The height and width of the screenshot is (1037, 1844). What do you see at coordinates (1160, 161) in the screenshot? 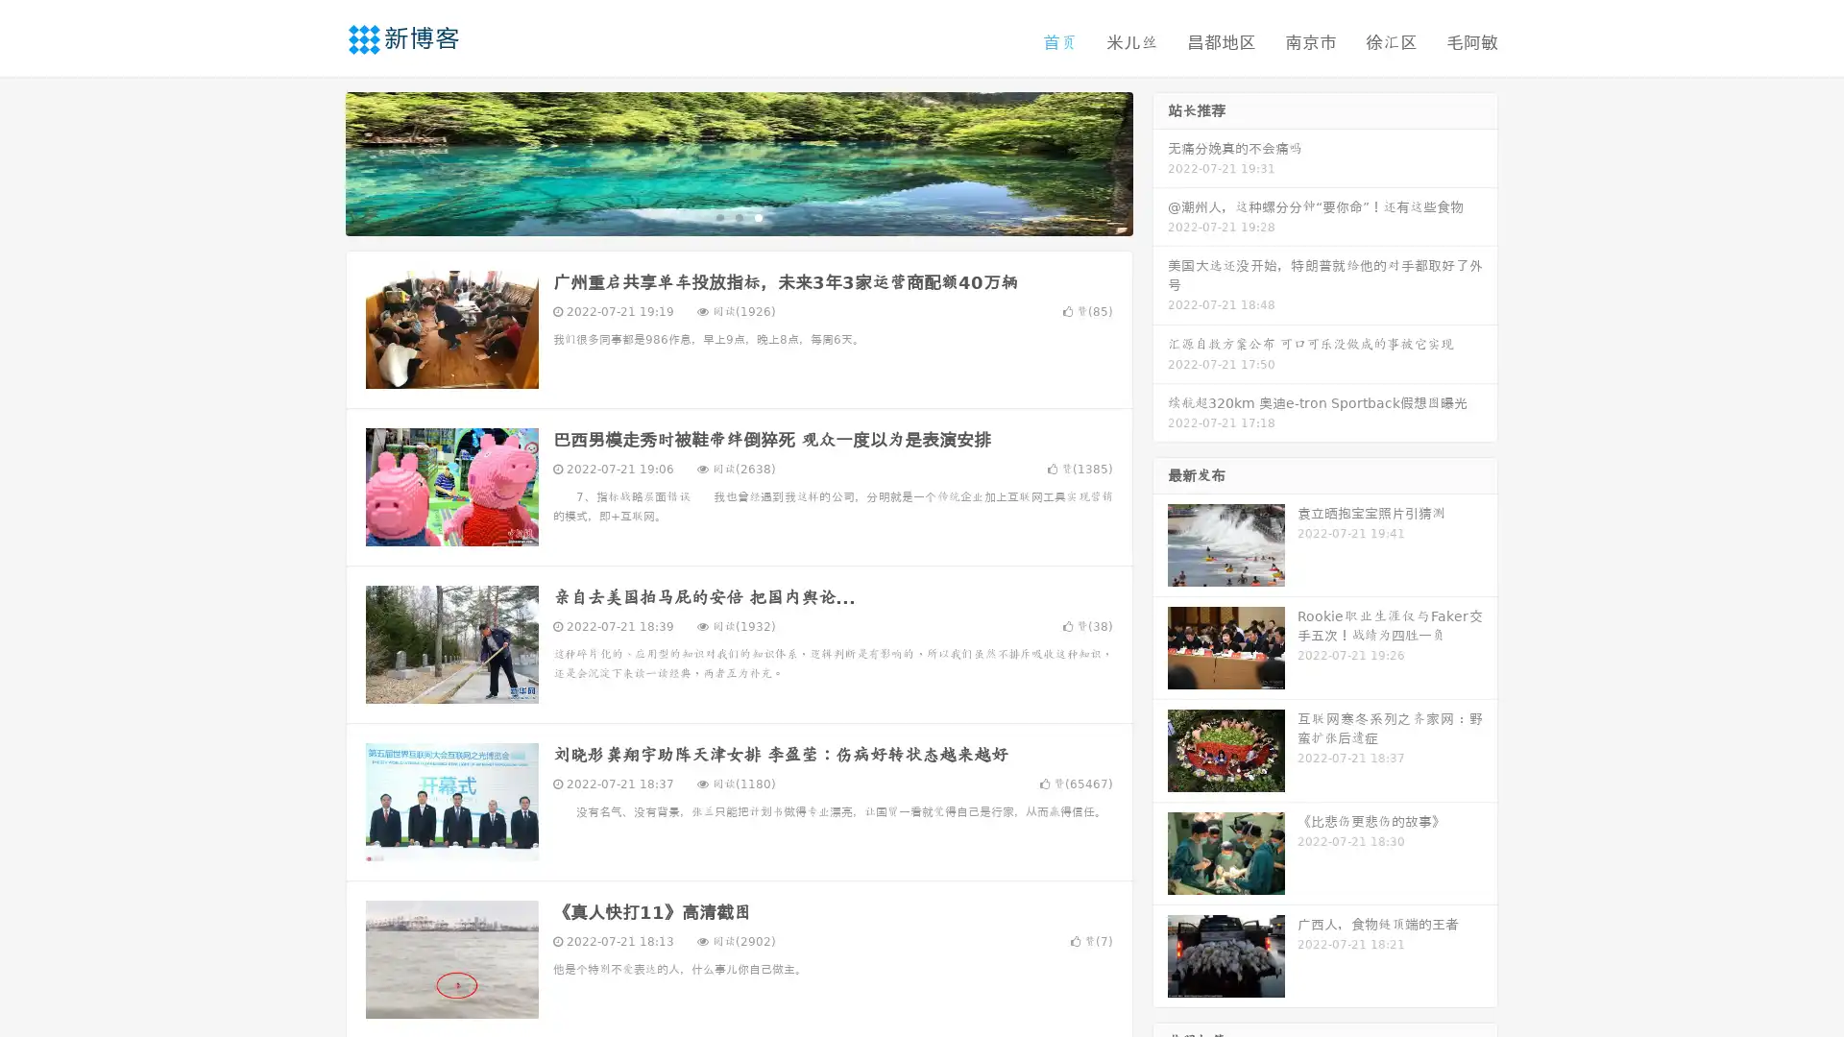
I see `Next slide` at bounding box center [1160, 161].